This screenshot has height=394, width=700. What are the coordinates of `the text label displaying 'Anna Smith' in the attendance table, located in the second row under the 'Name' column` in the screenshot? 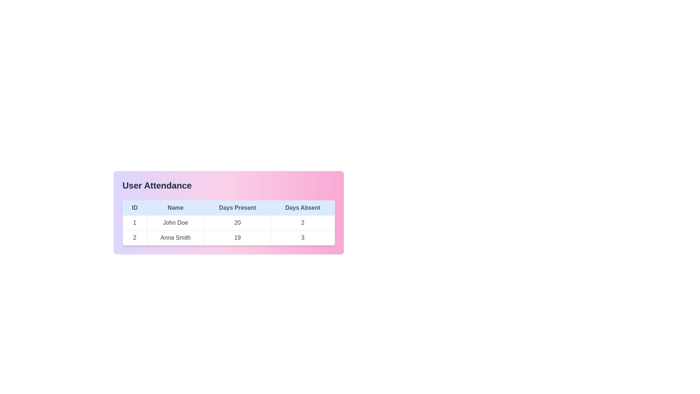 It's located at (175, 237).